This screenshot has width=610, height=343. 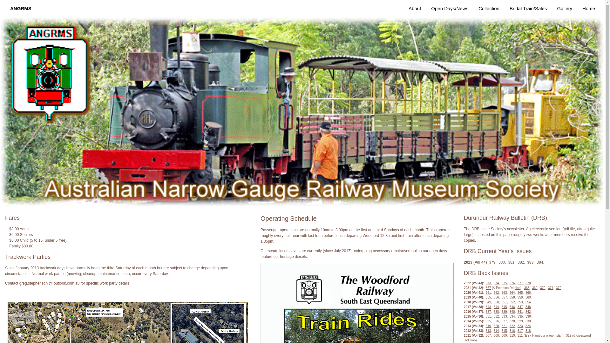 I want to click on '308', so click(x=496, y=335).